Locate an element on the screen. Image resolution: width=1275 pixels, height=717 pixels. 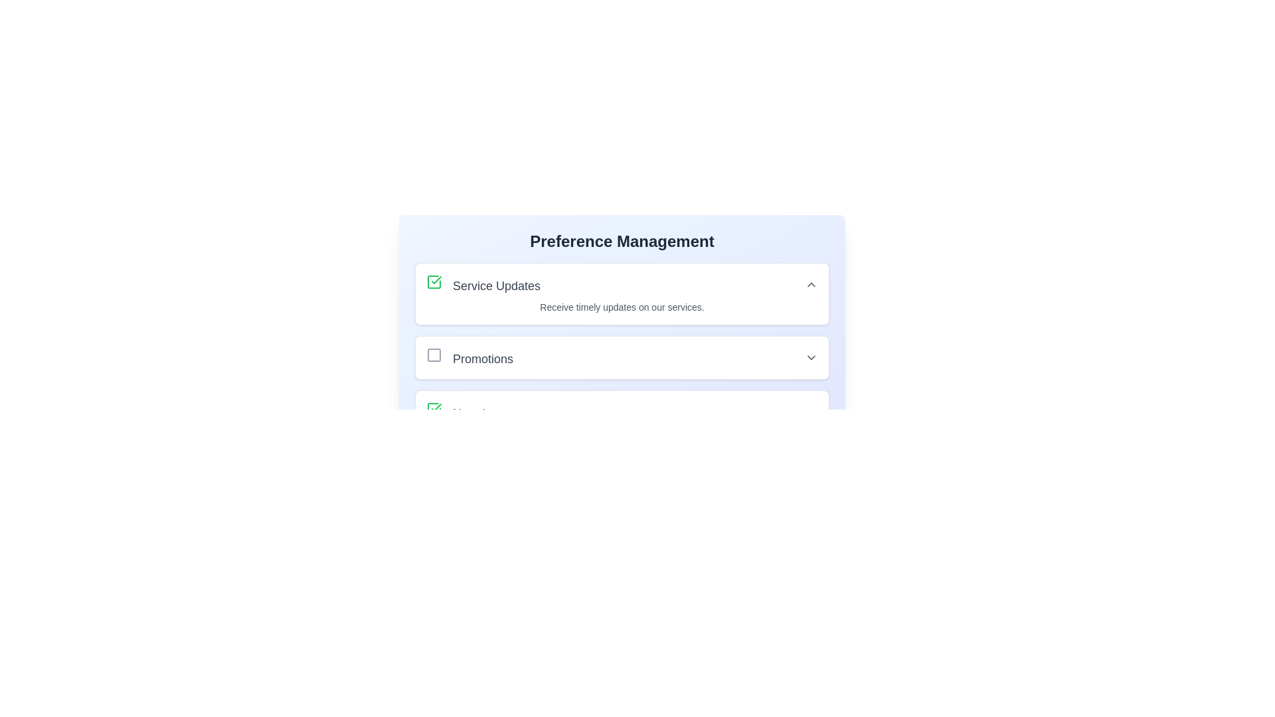
the 'Newsletters' expandable list item, which is the third item in the vertical list under 'Service Updates' and 'Promotions' is located at coordinates (621, 412).